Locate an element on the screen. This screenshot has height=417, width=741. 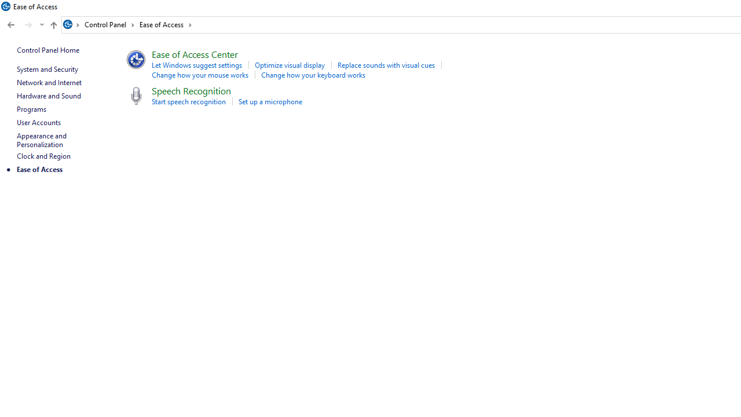
'Change how your mouse works' is located at coordinates (200, 75).